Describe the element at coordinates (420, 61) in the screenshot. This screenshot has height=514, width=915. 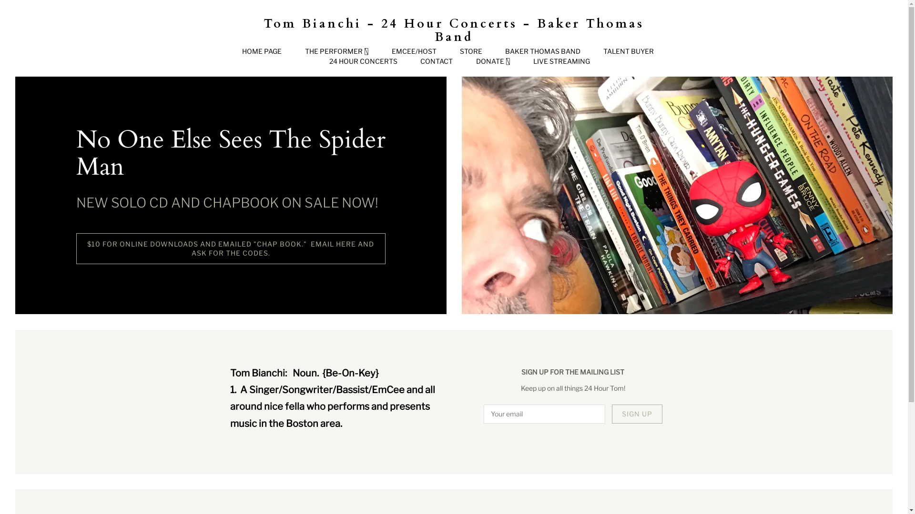
I see `'CONTACT'` at that location.